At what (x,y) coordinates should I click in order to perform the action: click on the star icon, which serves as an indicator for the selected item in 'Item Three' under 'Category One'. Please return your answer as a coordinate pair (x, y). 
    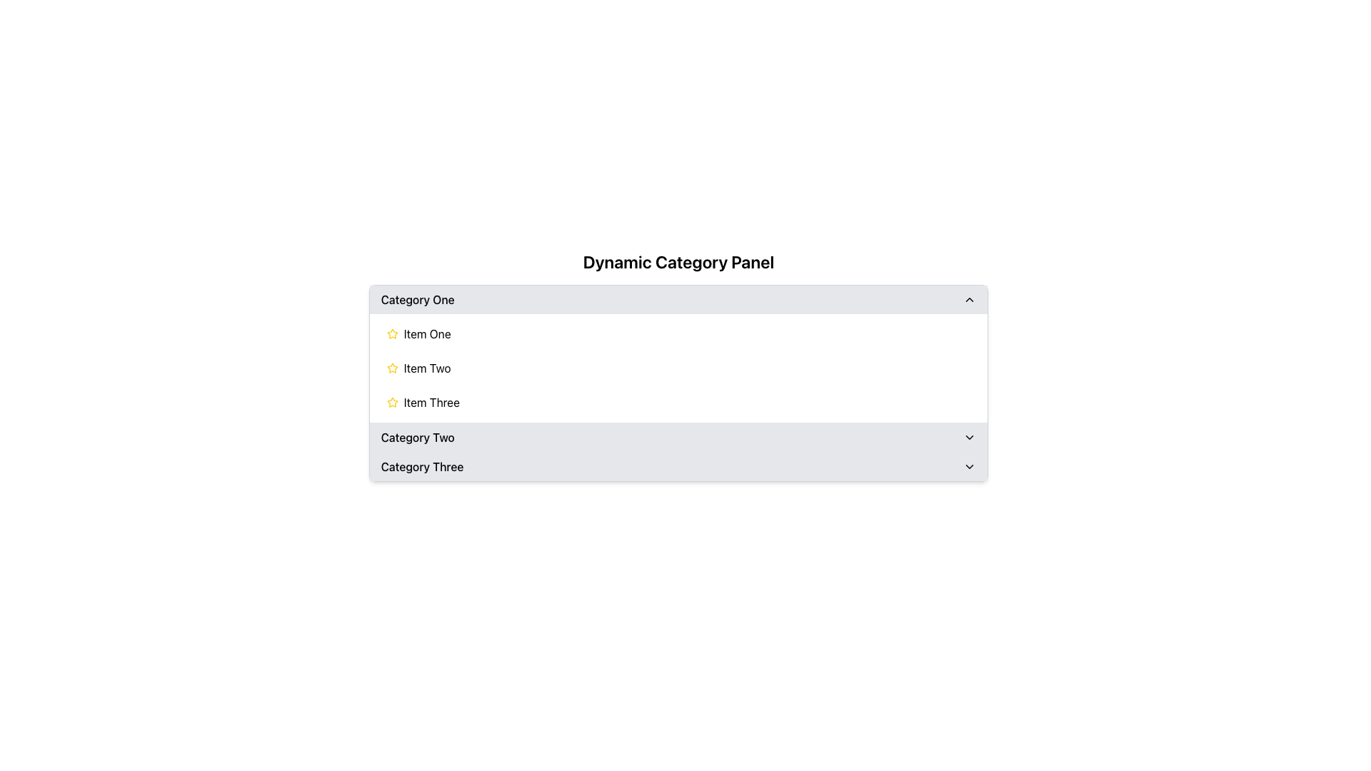
    Looking at the image, I should click on (392, 402).